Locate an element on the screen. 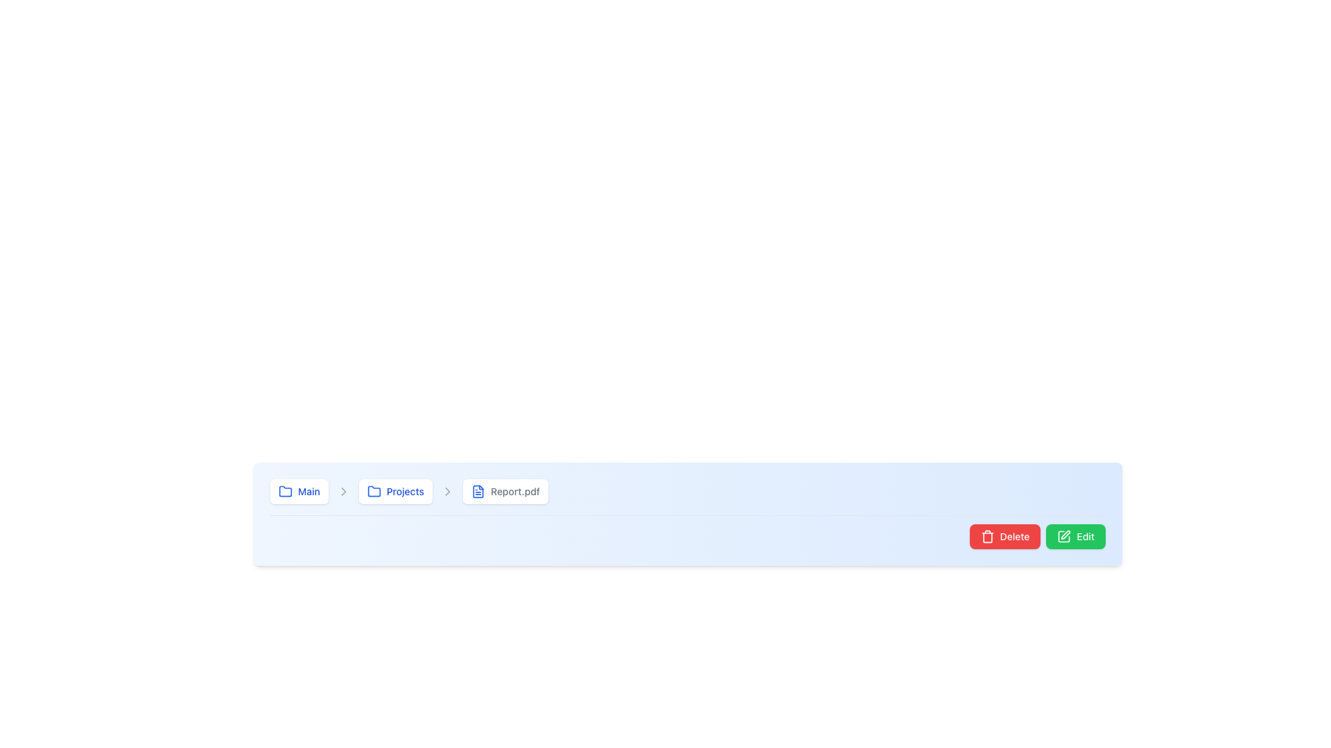 This screenshot has width=1331, height=748. the blue-colored folder icon located to the left of the 'Projects' text in the breadcrumb navigation bar is located at coordinates (374, 490).